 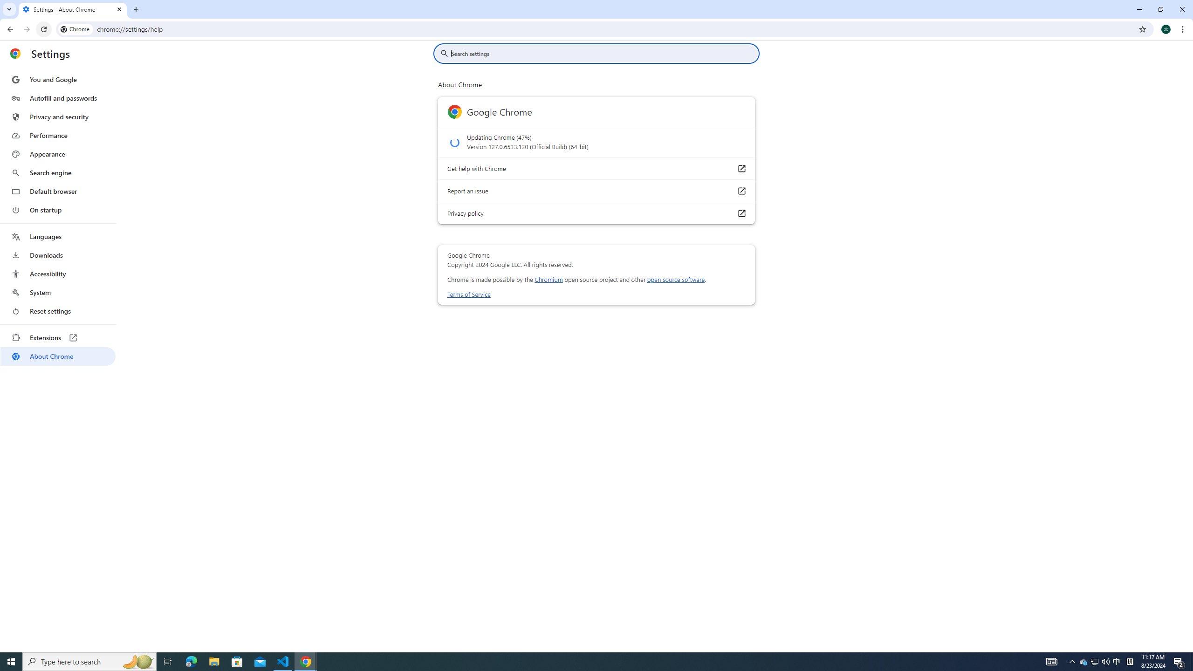 What do you see at coordinates (57, 255) in the screenshot?
I see `'Downloads'` at bounding box center [57, 255].